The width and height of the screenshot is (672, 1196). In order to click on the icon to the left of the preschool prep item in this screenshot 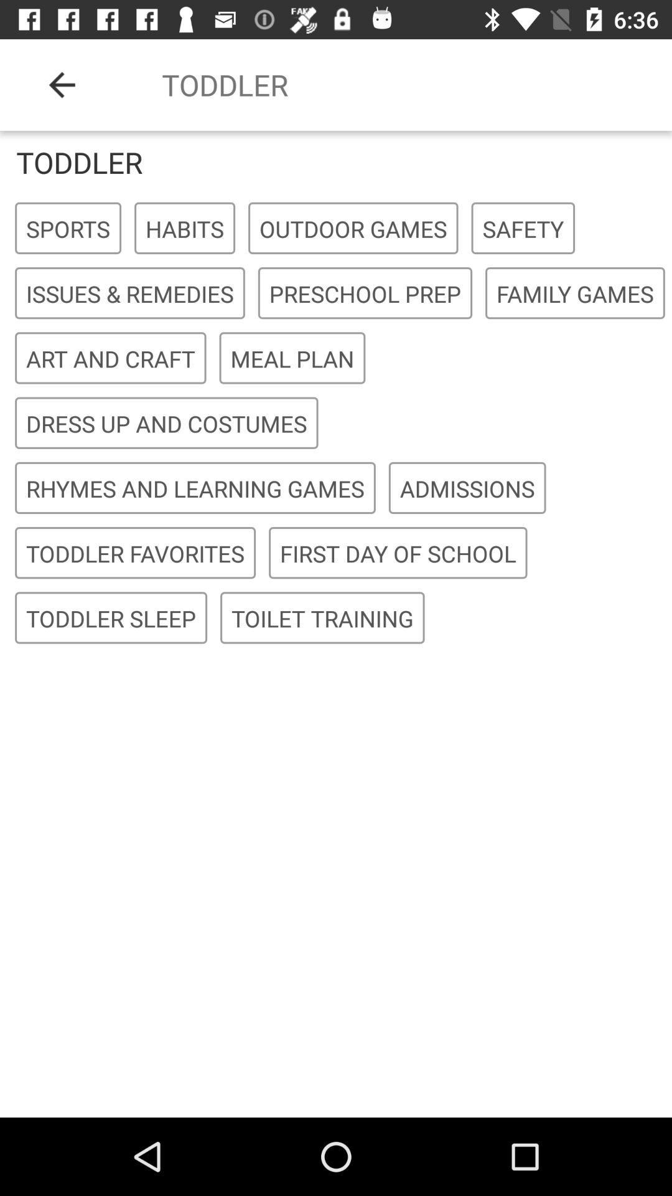, I will do `click(129, 293)`.